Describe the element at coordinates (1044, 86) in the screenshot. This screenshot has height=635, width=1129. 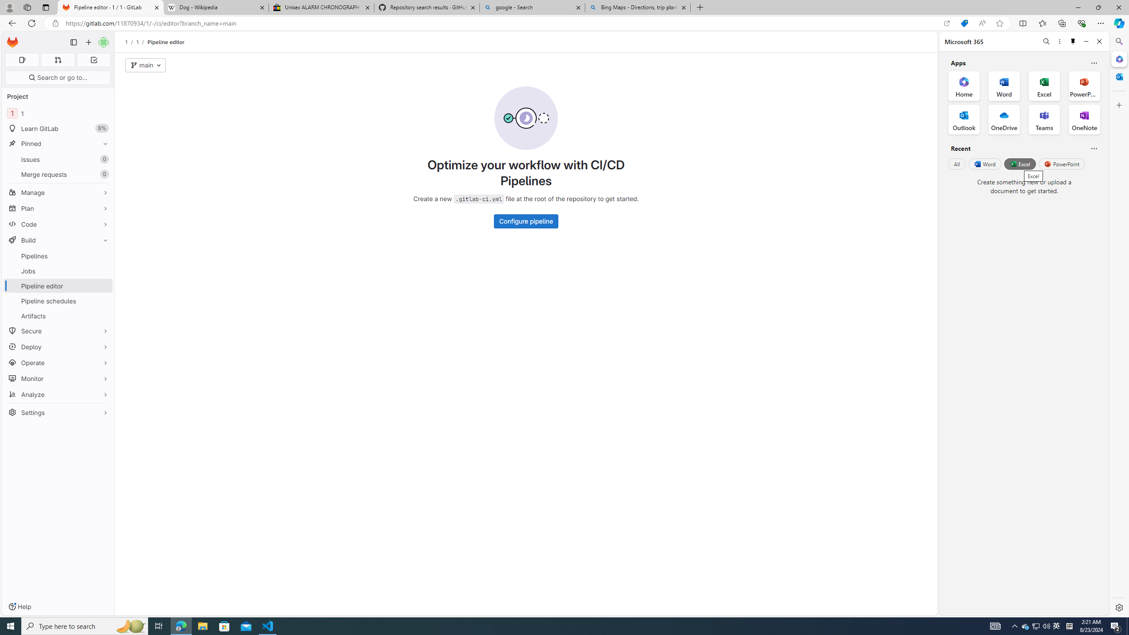
I see `'Excel Office App'` at that location.